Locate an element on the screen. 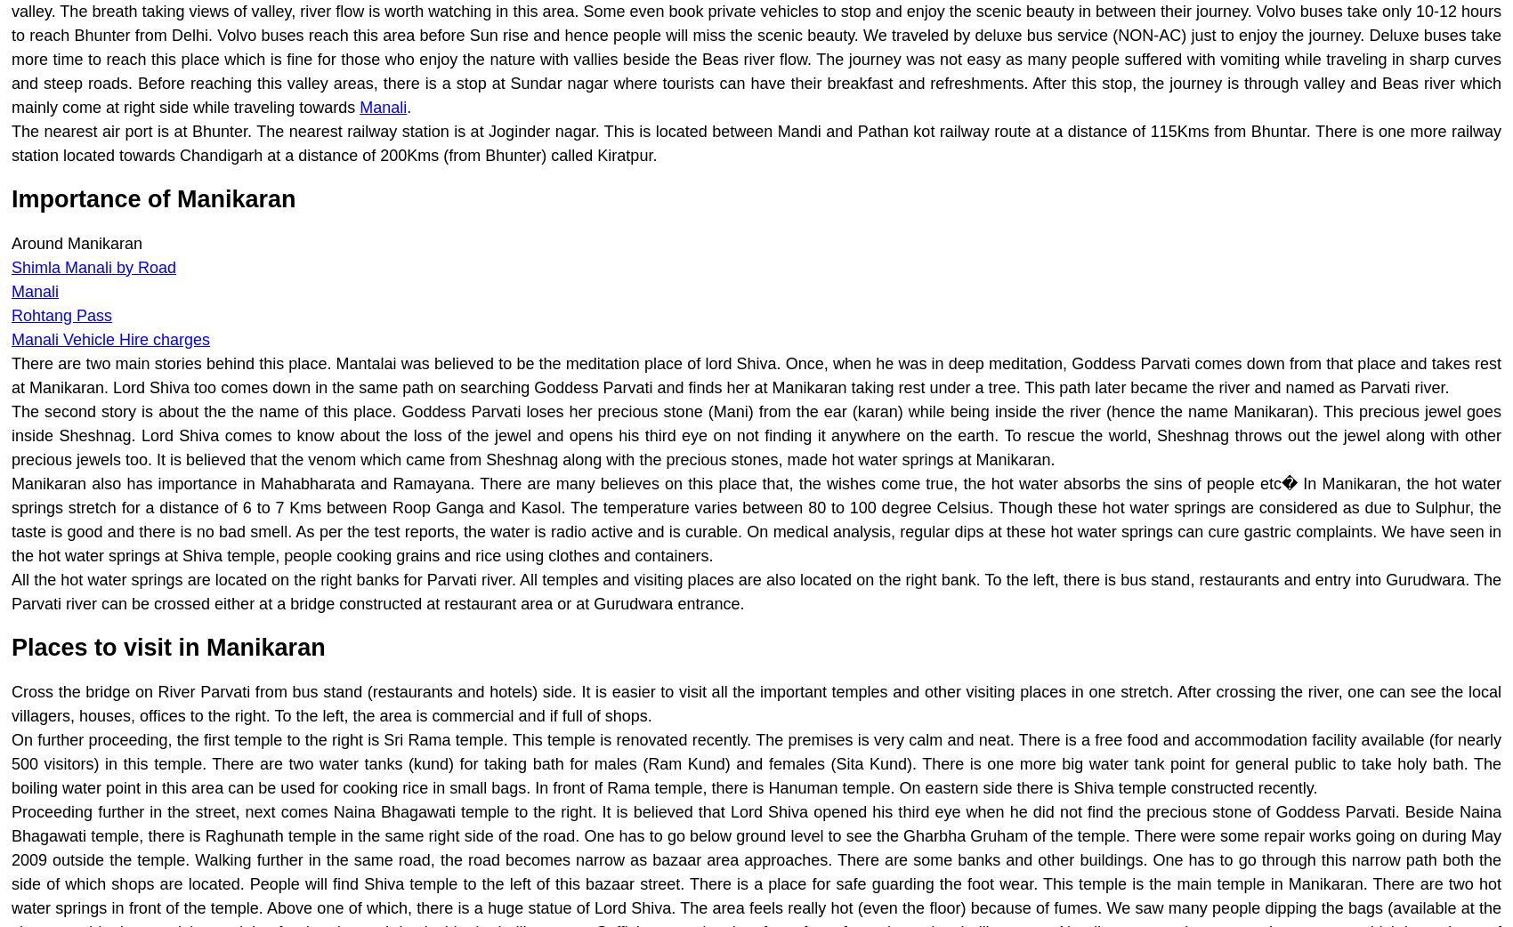 The height and width of the screenshot is (927, 1513). 'The nearest air port is at Bhunter. The nearest railway station is at Joginder nagar. This is located between Mandi and Pathan kot  railway route at a distance of 115Kms from Bhuntar. There is one more railway station located towards Chandigarh at a distance of 200Kms (from Bhunter) called Kiratpur.' is located at coordinates (756, 143).